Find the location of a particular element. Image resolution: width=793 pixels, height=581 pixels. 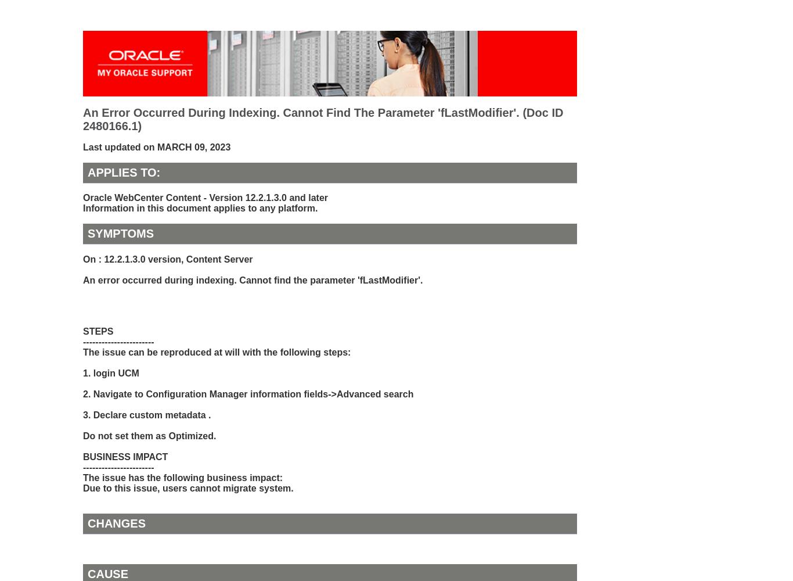

'Cause' is located at coordinates (107, 573).